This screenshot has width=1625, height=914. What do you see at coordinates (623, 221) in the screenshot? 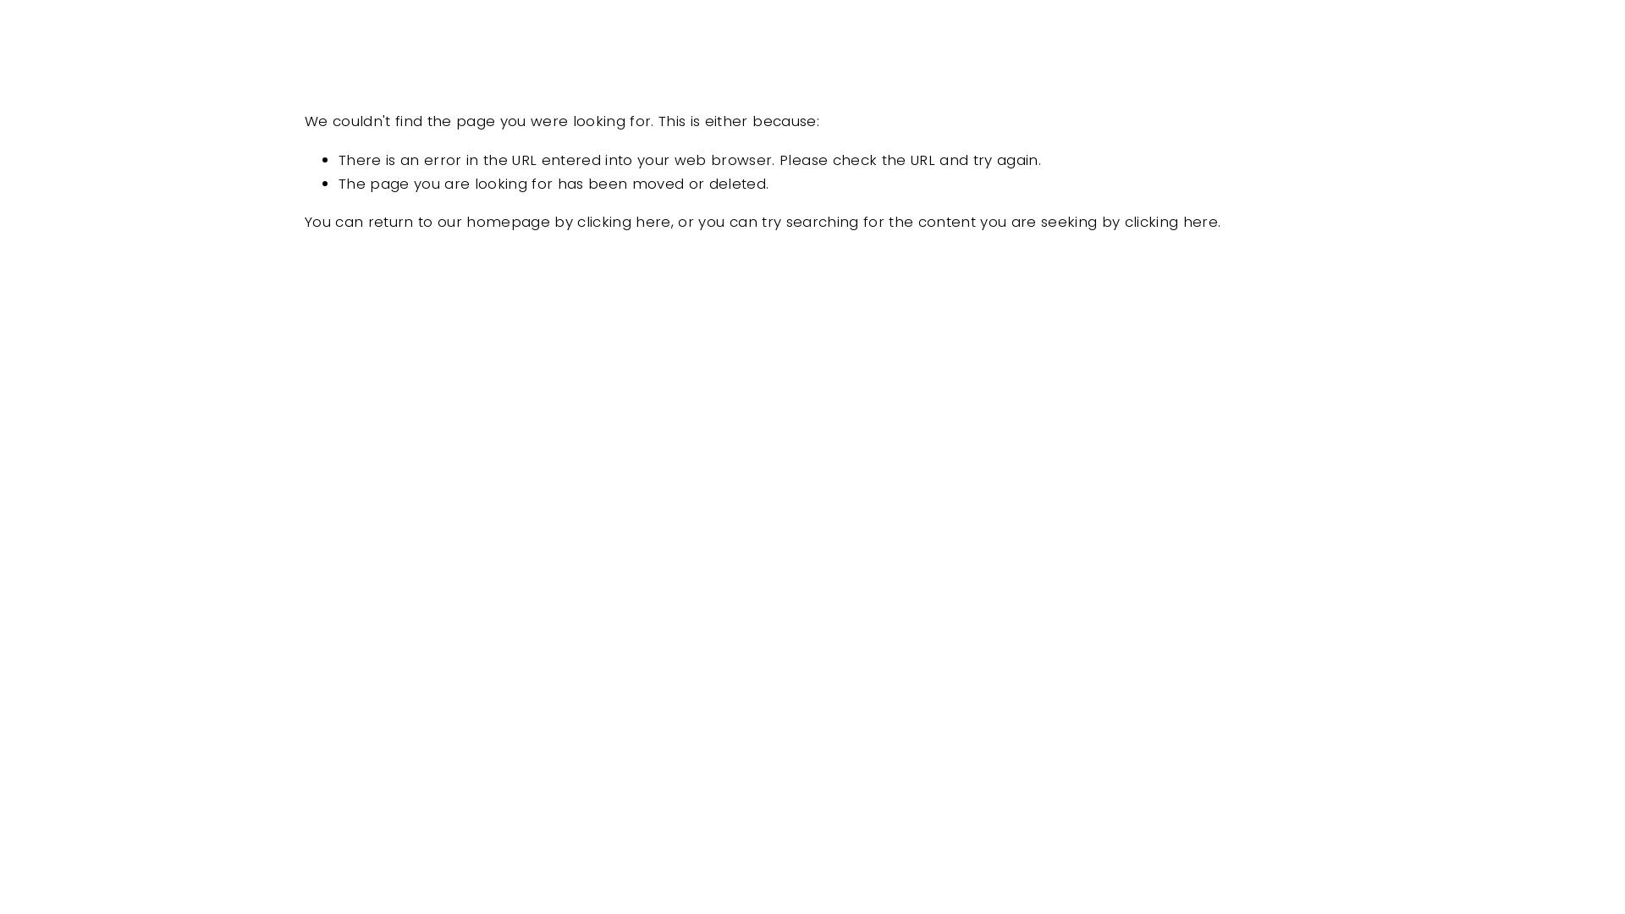
I see `'clicking here'` at bounding box center [623, 221].